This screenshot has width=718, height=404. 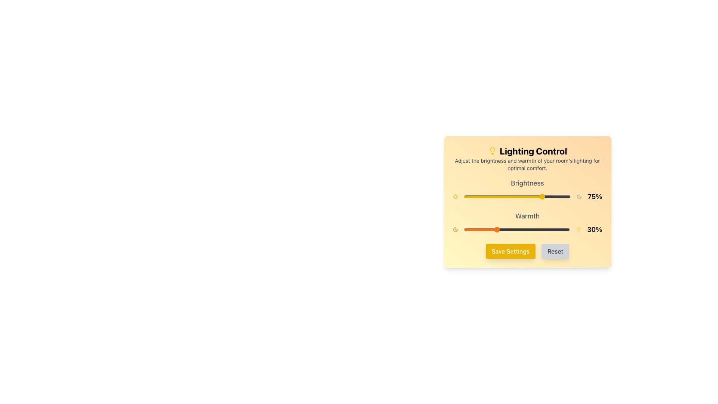 What do you see at coordinates (527, 164) in the screenshot?
I see `the muted gray Text Label located below the 'Lighting Control' heading in the interface` at bounding box center [527, 164].